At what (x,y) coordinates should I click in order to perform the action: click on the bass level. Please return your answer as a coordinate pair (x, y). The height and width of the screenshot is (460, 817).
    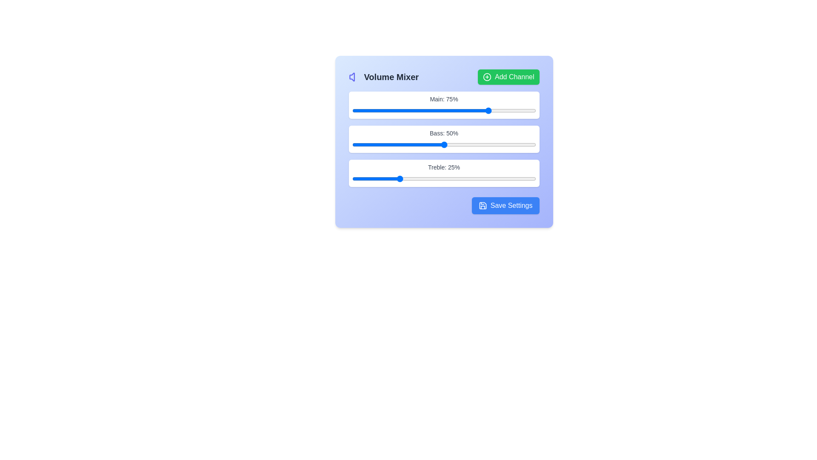
    Looking at the image, I should click on (379, 144).